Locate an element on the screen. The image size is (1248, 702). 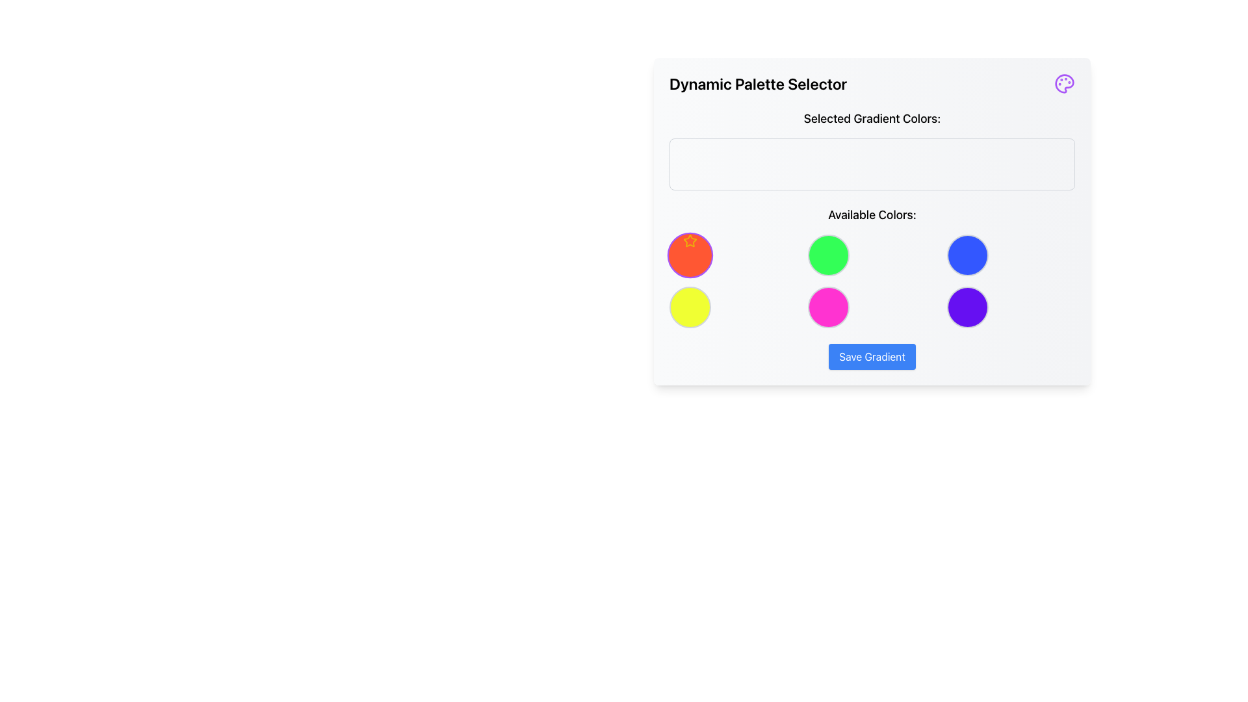
the circular button with a green background located in the first row, second column of the Available Colors section is located at coordinates (828, 255).